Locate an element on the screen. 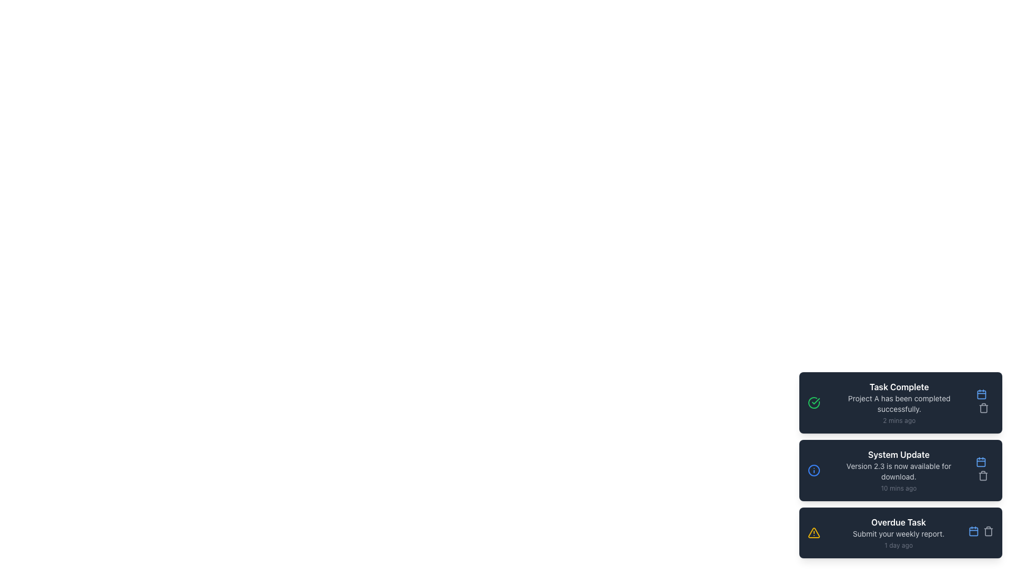  the overdue task notification icon located at the leftmost part of the bottom notification box, which visually alerts the user about the associated overdue task notification is located at coordinates (814, 532).